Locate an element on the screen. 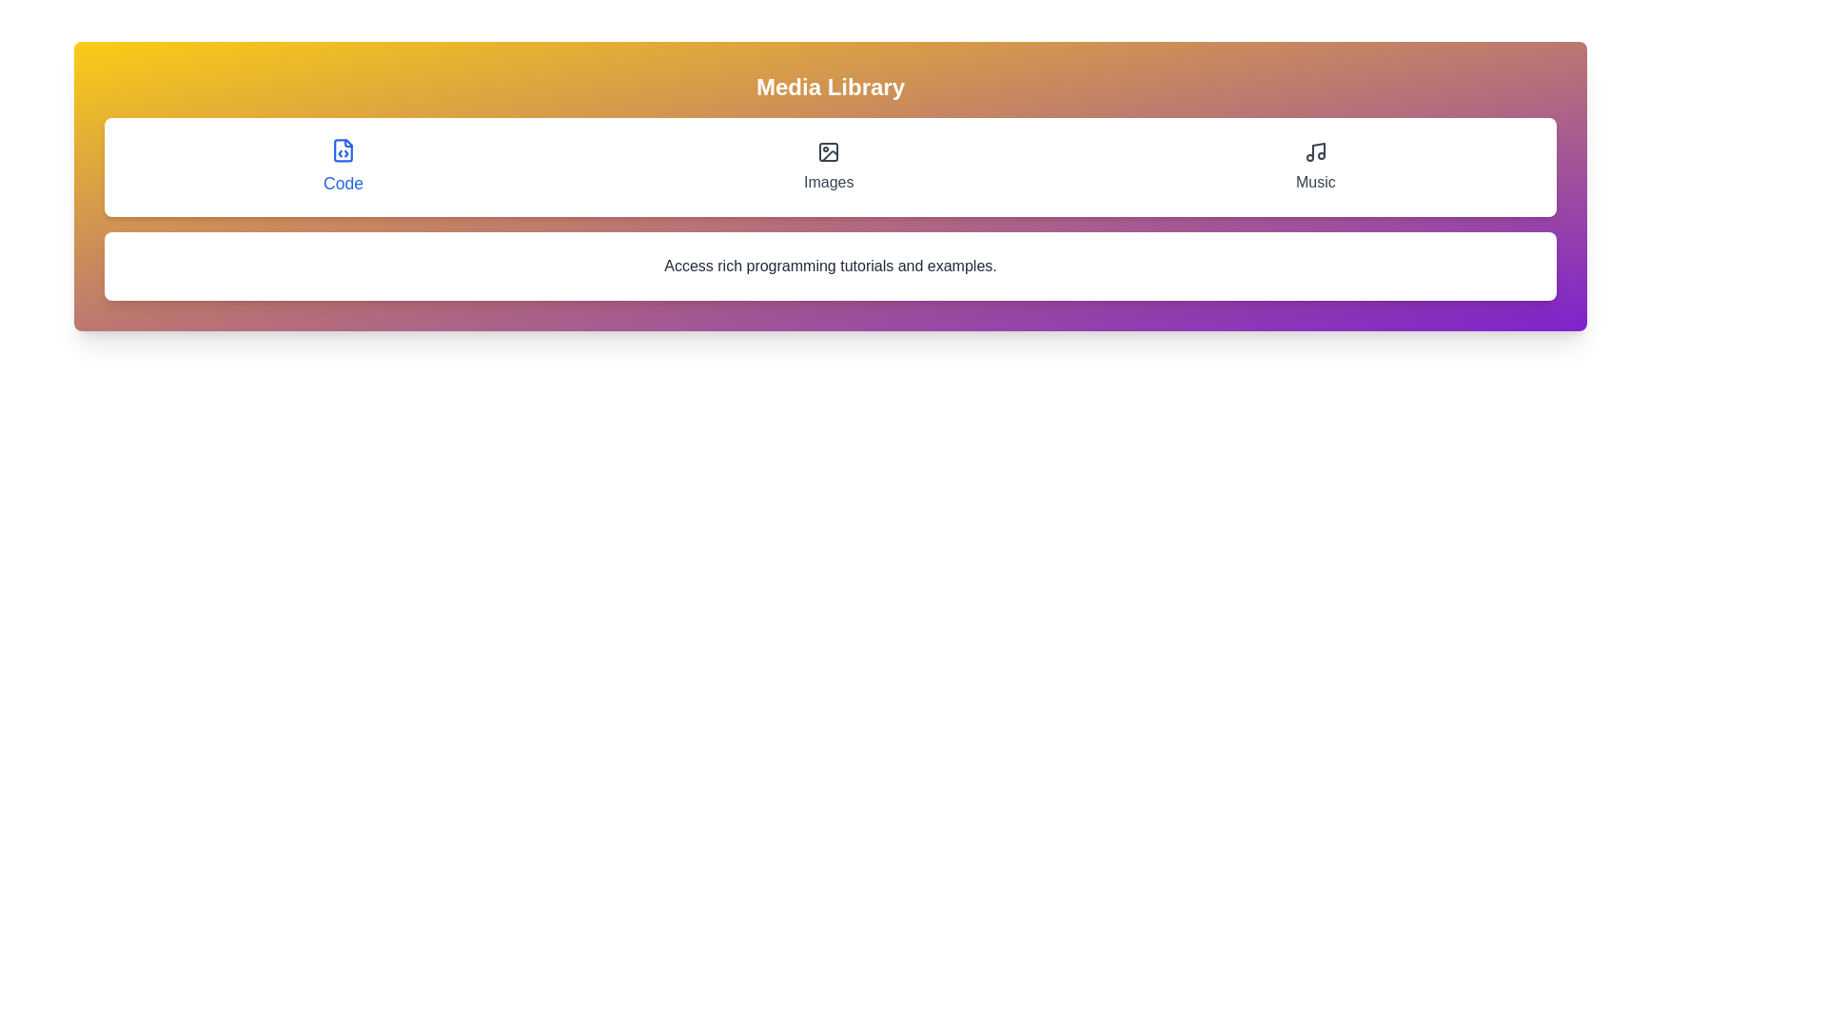 The height and width of the screenshot is (1028, 1827). the tab labeled Code to display its content is located at coordinates (343, 167).